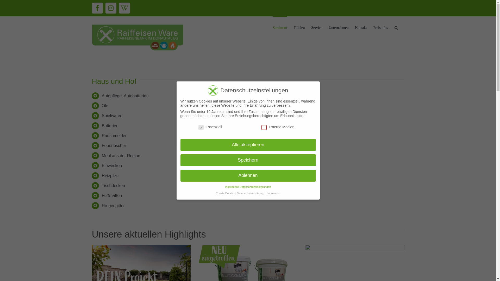 The image size is (500, 281). I want to click on 'Speichern', so click(247, 160).